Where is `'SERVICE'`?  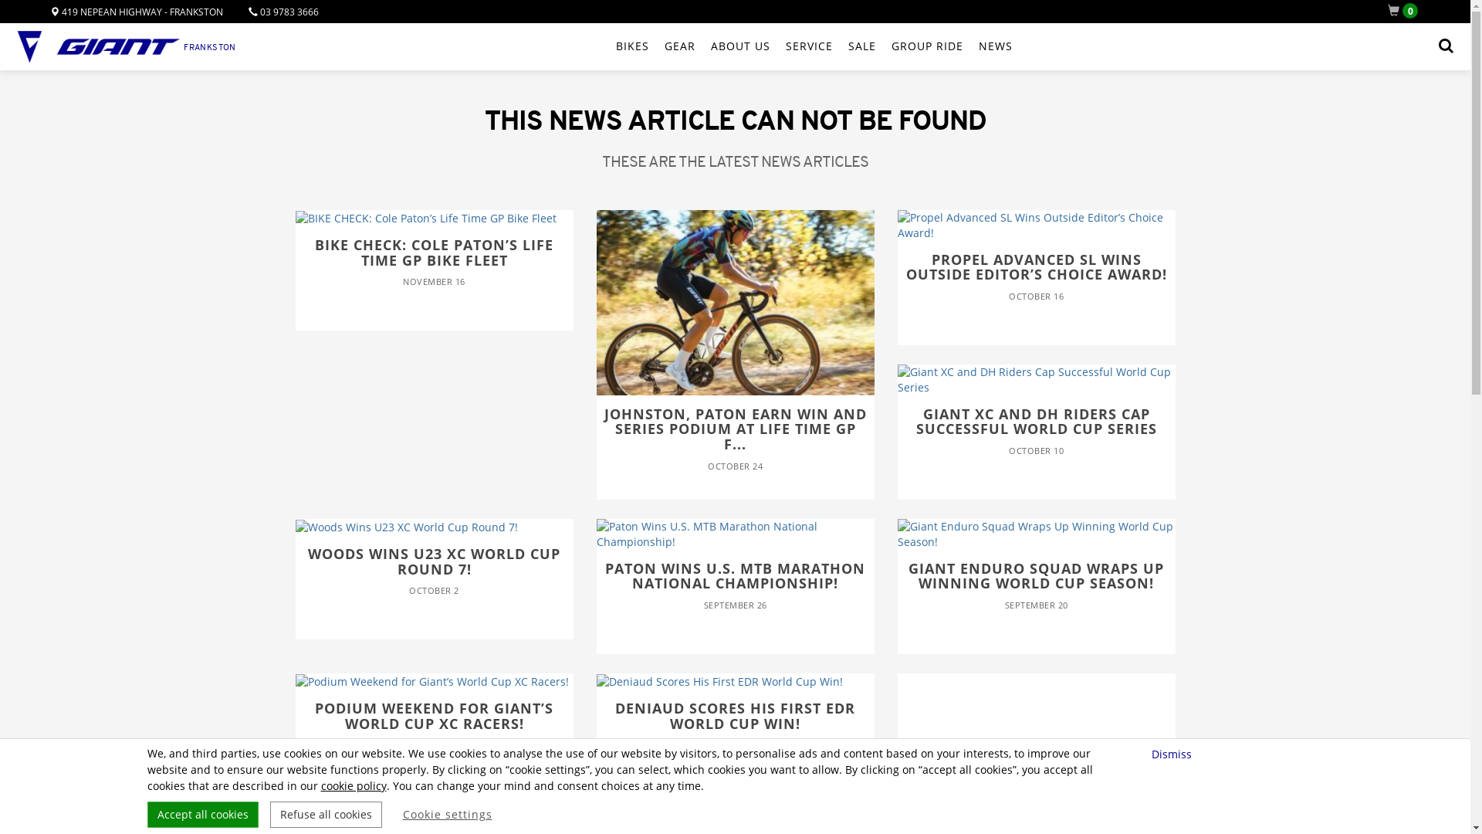
'SERVICE' is located at coordinates (808, 46).